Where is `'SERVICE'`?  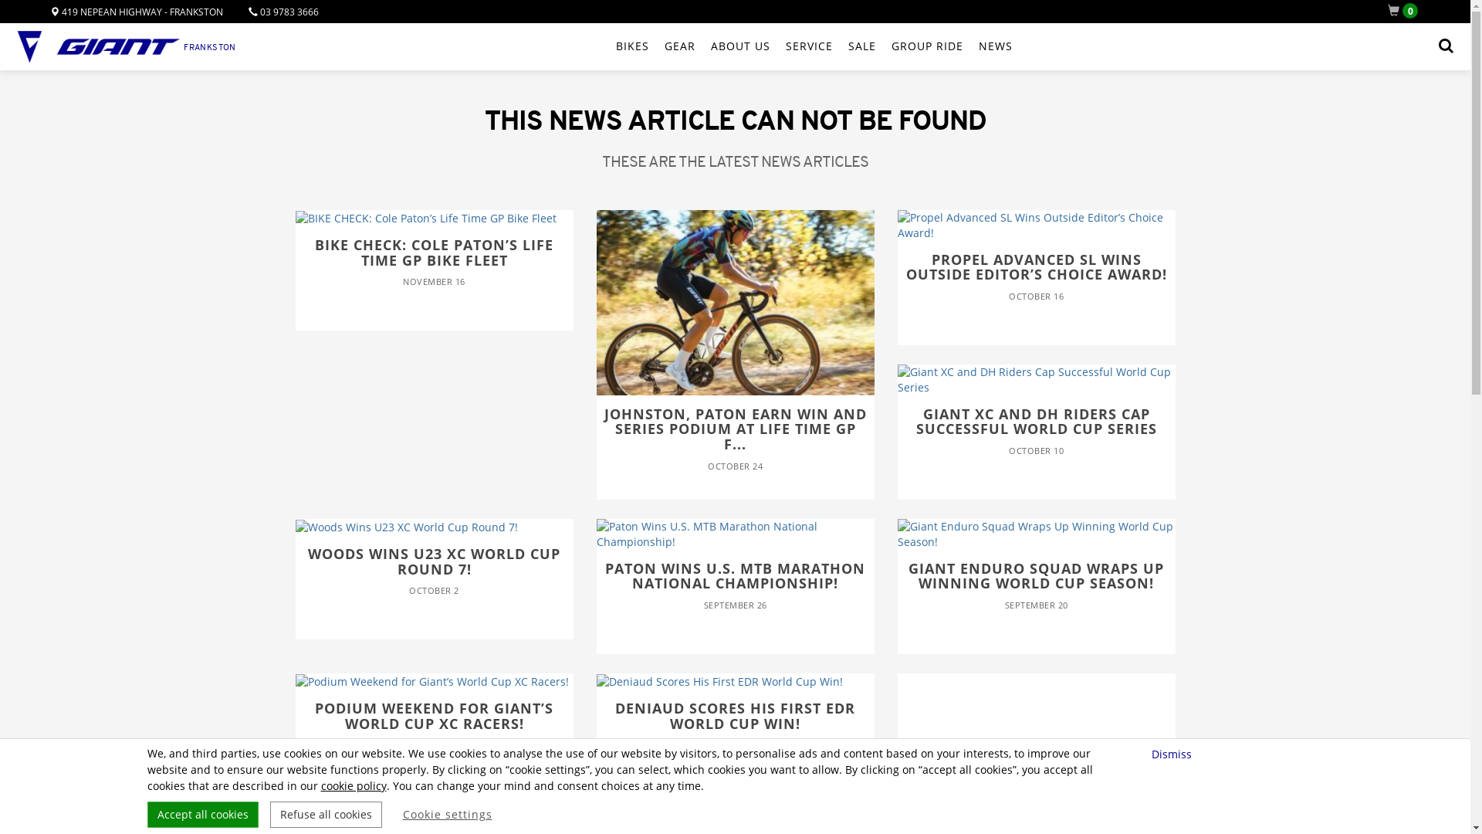
'SERVICE' is located at coordinates (808, 46).